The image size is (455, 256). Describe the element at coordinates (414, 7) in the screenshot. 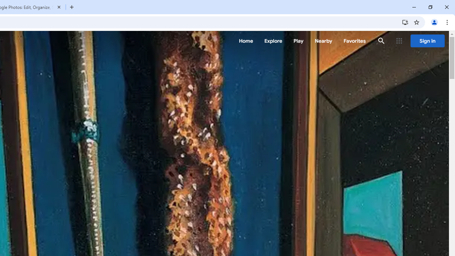

I see `'Minimize'` at that location.